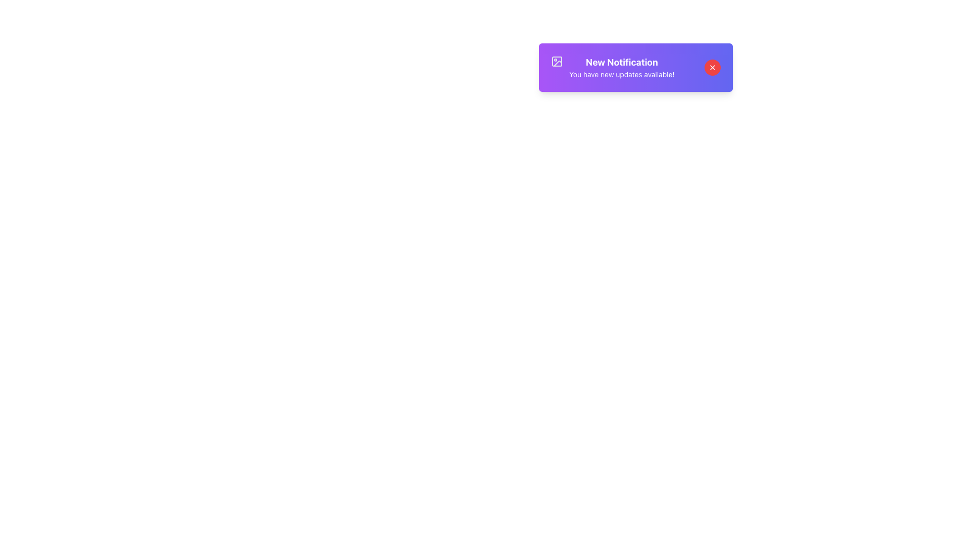 Image resolution: width=969 pixels, height=545 pixels. I want to click on the circular red button with a white cross icon located on the far right of the notification bar for keyboard interaction, so click(712, 68).